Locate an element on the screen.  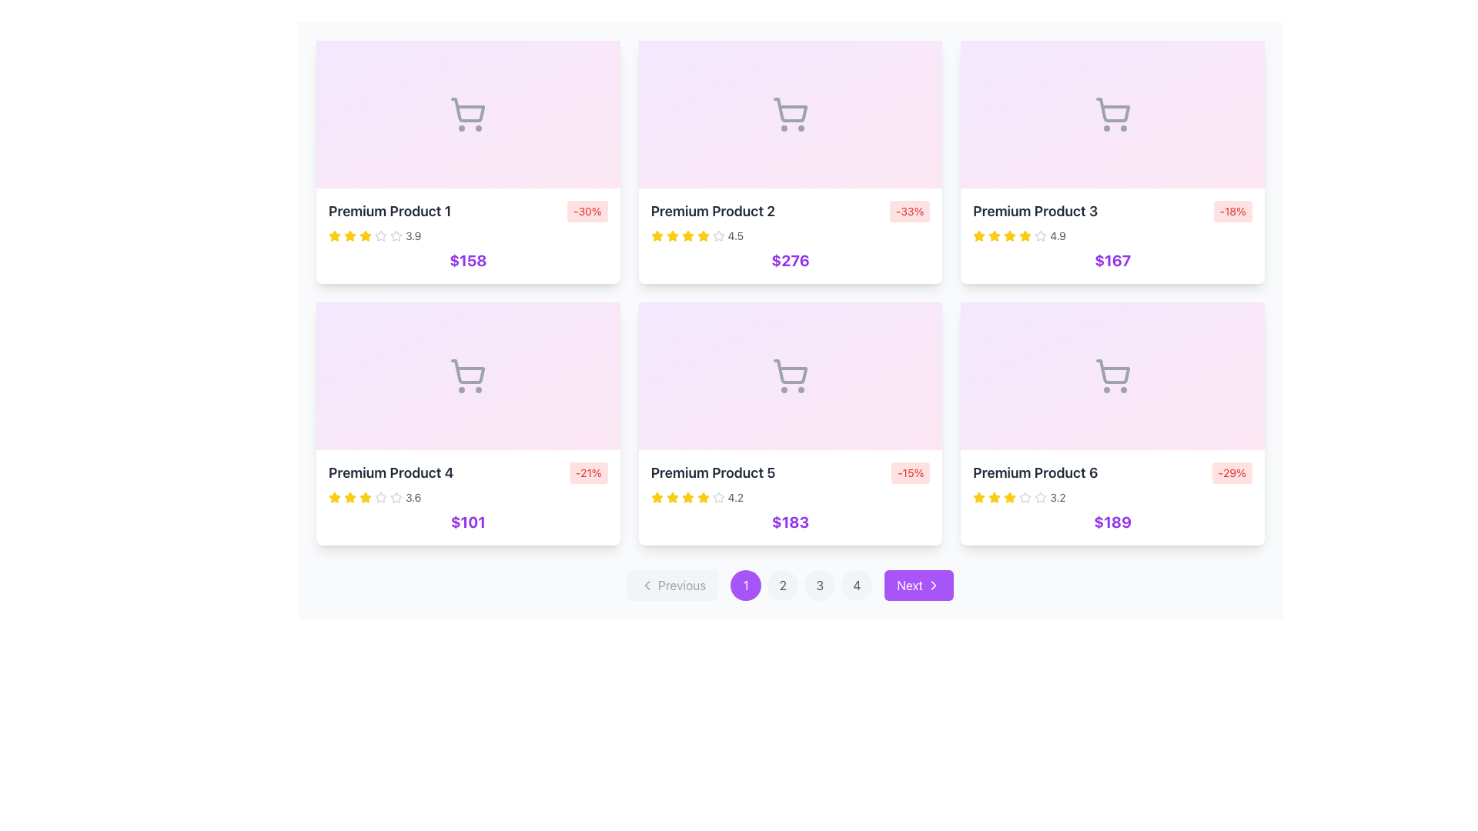
the 5th yellow star icon in the rating widget for 'Premium Product 3' is located at coordinates (1025, 236).